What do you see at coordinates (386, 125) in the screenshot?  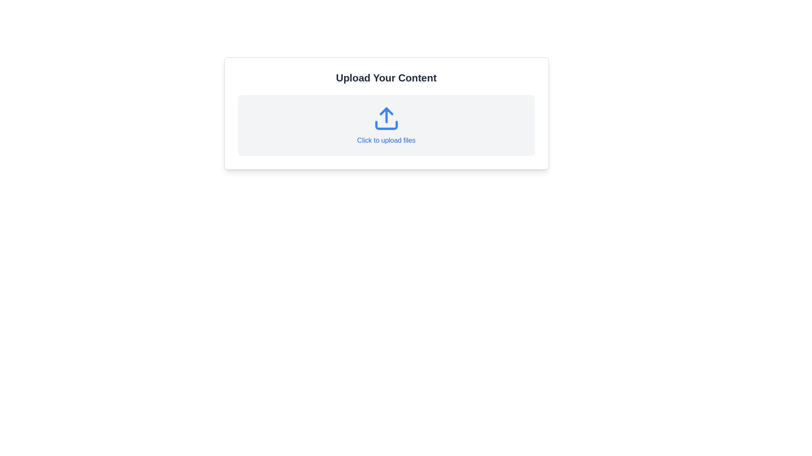 I see `the interactive area for initiating file uploads located centrally below the 'Upload Your Content' title` at bounding box center [386, 125].